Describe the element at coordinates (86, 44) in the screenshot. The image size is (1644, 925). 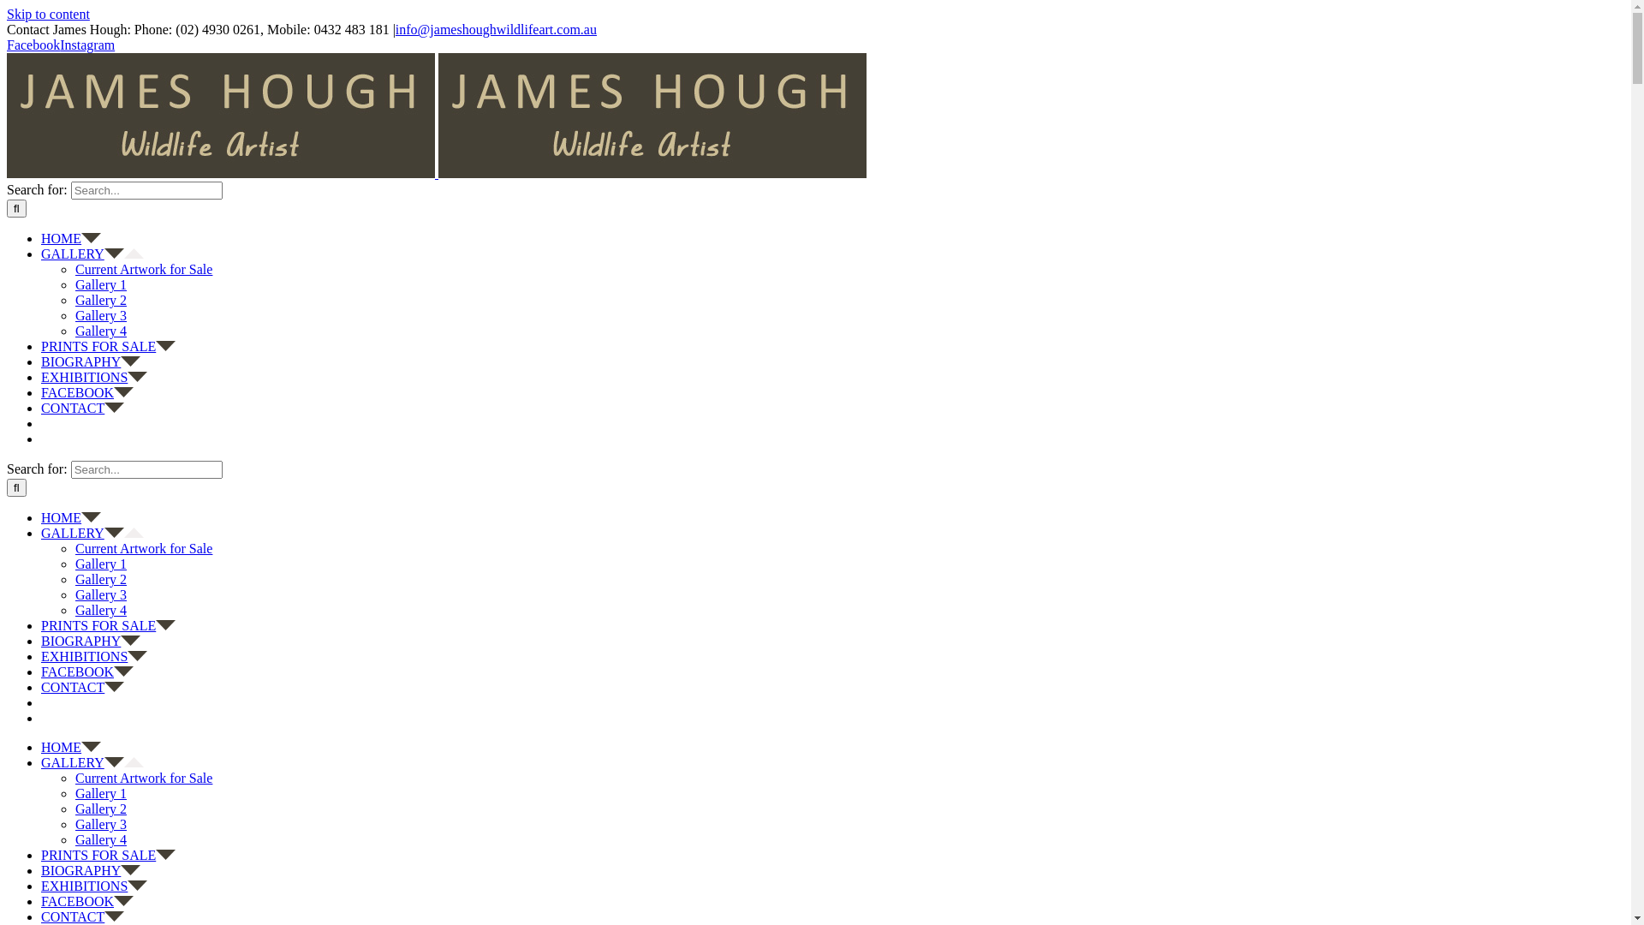
I see `'Instagram'` at that location.